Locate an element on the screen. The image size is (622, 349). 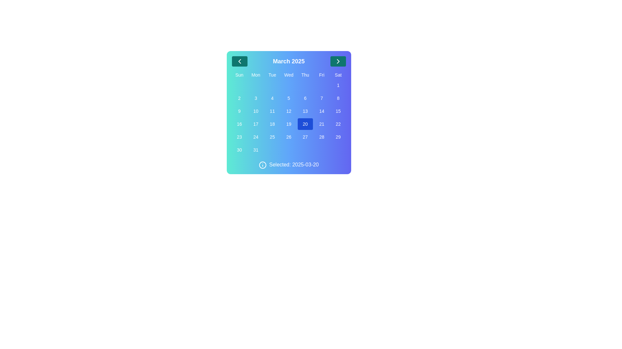
the button displaying the text '17' in the calendar interface is located at coordinates (255, 124).